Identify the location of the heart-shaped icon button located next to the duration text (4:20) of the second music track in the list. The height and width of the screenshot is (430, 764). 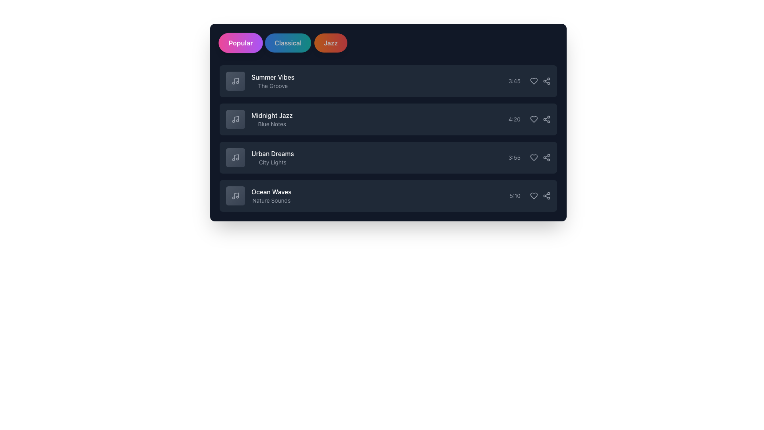
(534, 119).